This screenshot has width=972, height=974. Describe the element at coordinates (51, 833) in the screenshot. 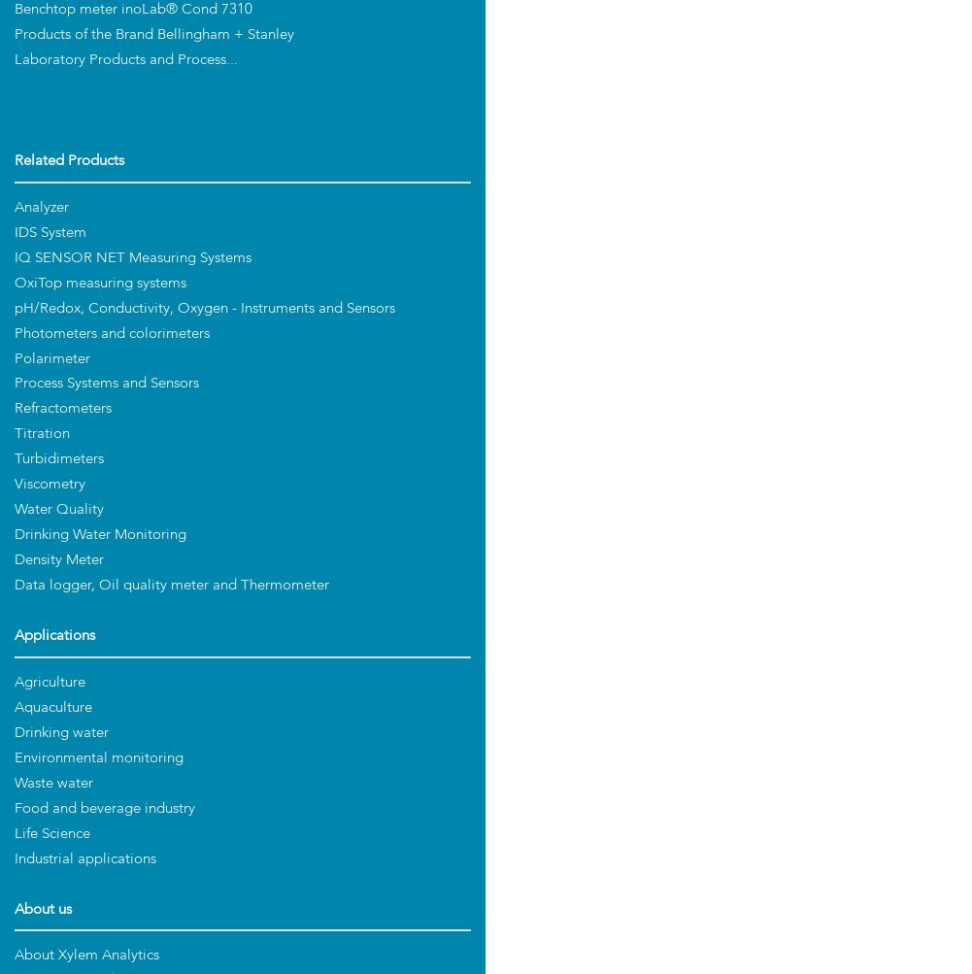

I see `'Life Science'` at that location.